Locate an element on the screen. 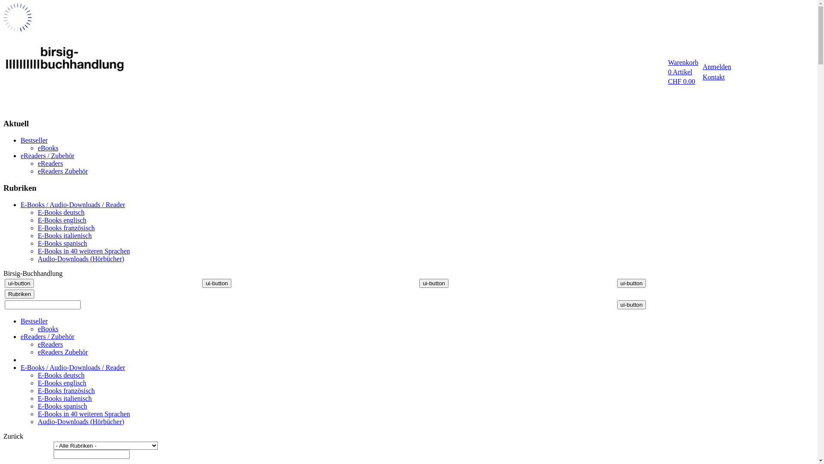 The height and width of the screenshot is (464, 824). 'Kontakt' is located at coordinates (713, 76).